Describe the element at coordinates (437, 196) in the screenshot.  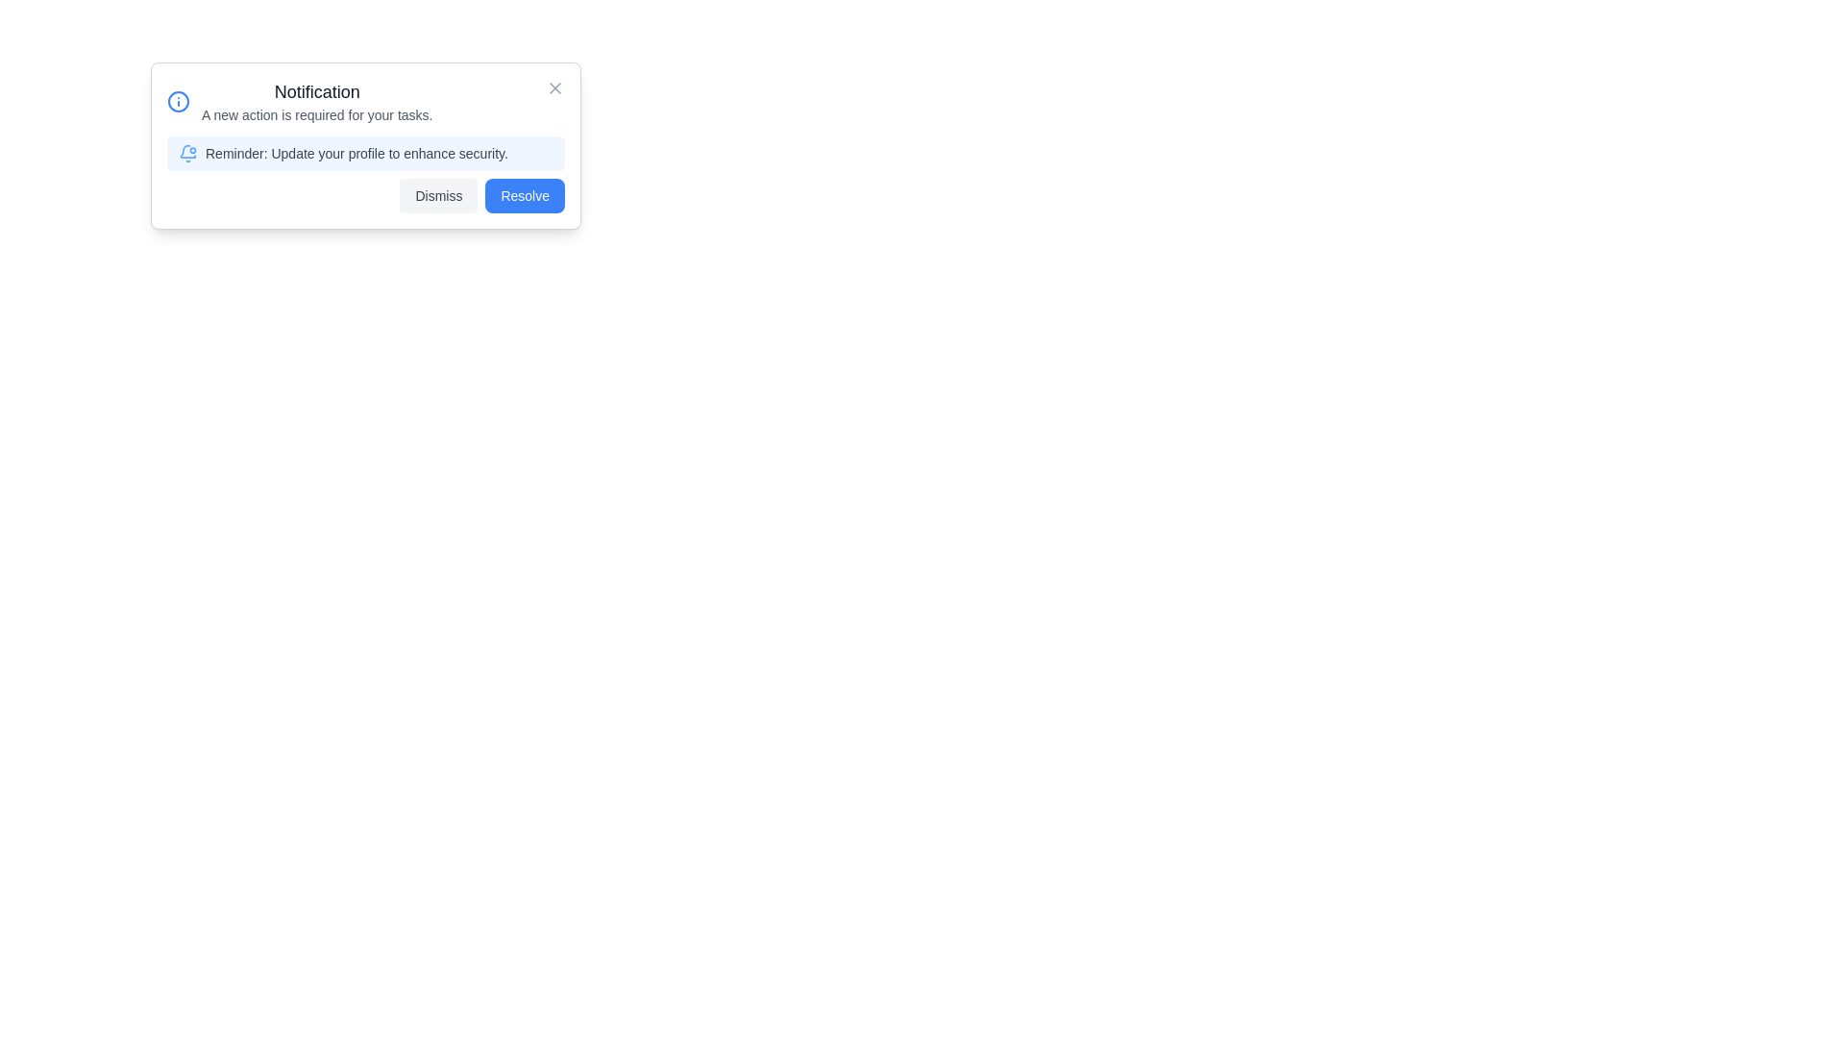
I see `the button located in the notification dialog box, positioned to the left of the blue 'Resolve' button` at that location.